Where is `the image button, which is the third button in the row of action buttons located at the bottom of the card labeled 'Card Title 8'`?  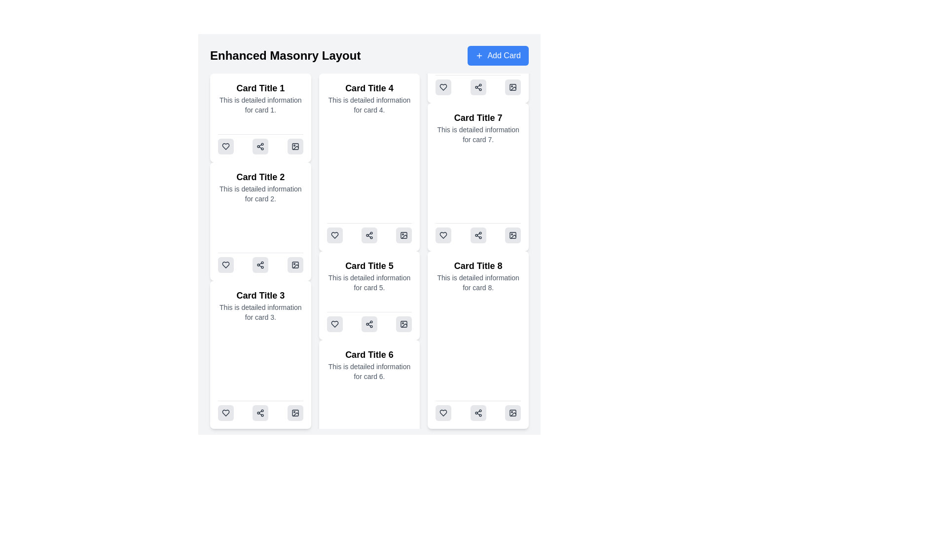
the image button, which is the third button in the row of action buttons located at the bottom of the card labeled 'Card Title 8' is located at coordinates (512, 413).